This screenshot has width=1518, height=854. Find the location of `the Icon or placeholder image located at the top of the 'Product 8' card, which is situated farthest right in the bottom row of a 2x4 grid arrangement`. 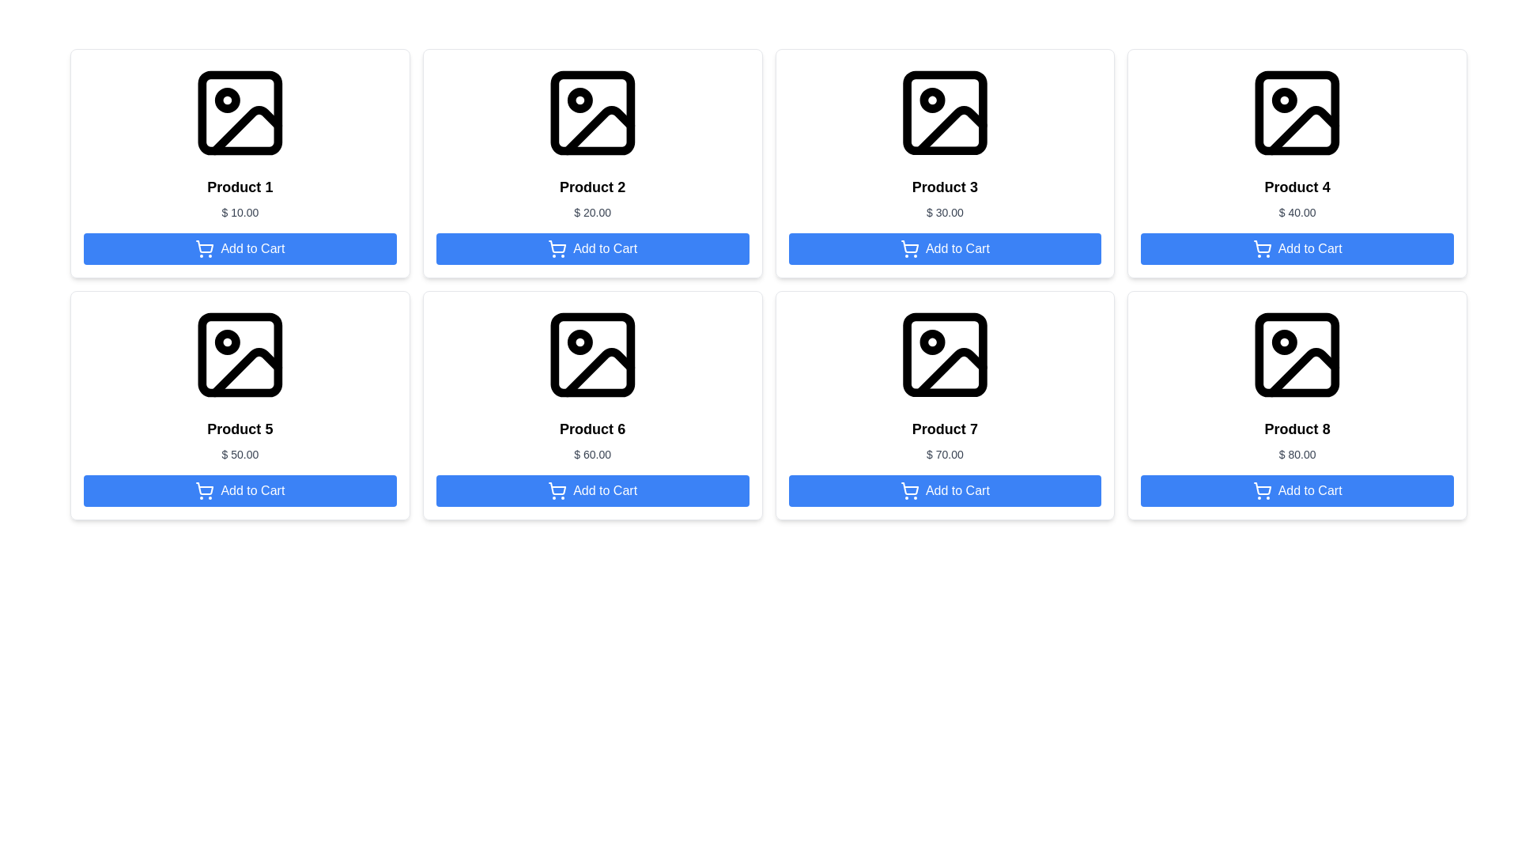

the Icon or placeholder image located at the top of the 'Product 8' card, which is situated farthest right in the bottom row of a 2x4 grid arrangement is located at coordinates (1297, 353).